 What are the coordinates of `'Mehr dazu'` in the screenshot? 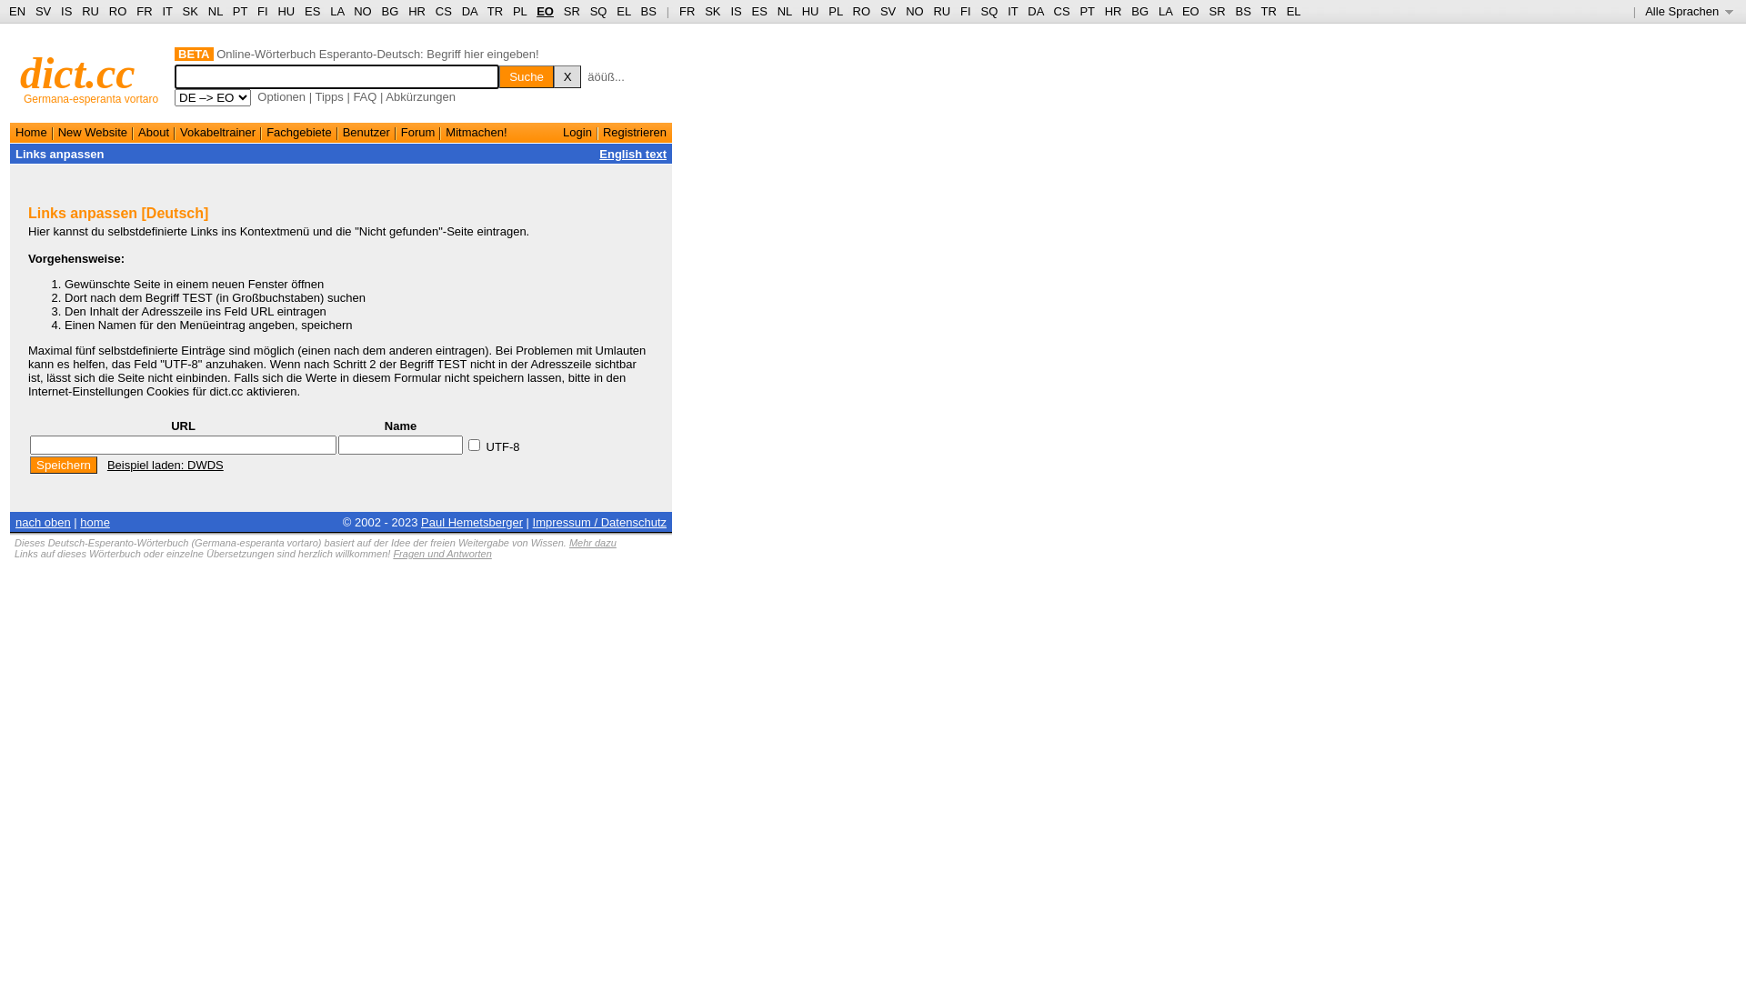 It's located at (567, 542).